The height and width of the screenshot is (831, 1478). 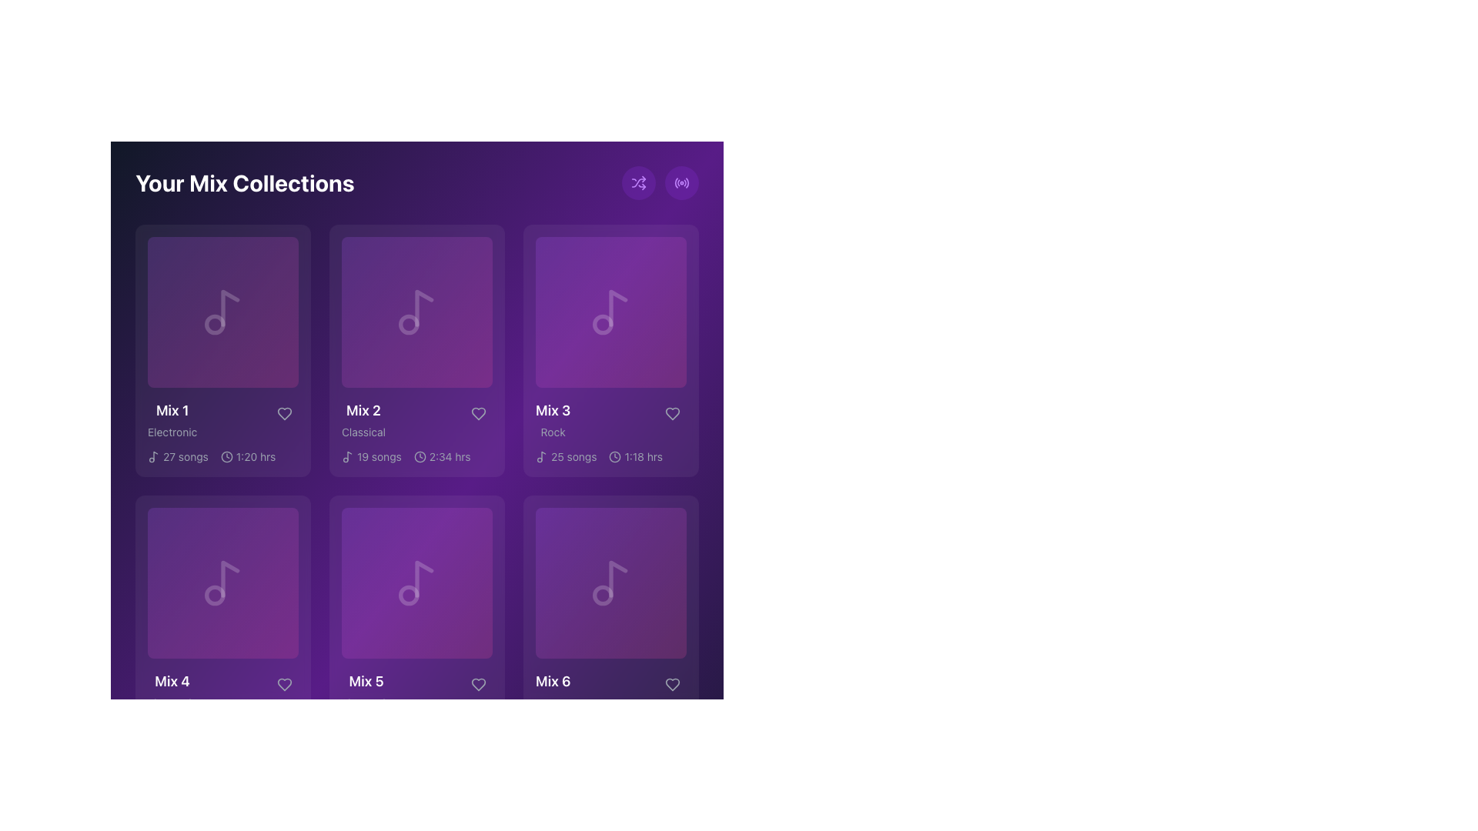 I want to click on the heart icon located in the bottom right corner of the 'Mix 6' card to mark or unmark it as a favorite, so click(x=672, y=684).